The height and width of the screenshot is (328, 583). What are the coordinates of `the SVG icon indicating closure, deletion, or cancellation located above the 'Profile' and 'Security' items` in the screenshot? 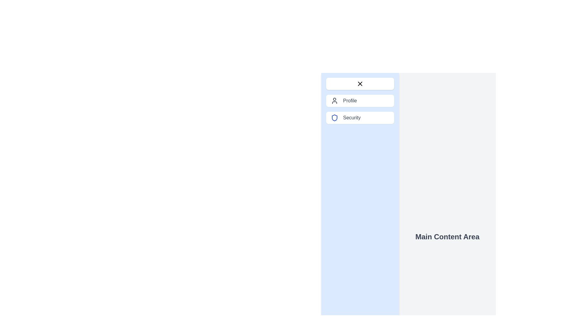 It's located at (360, 84).